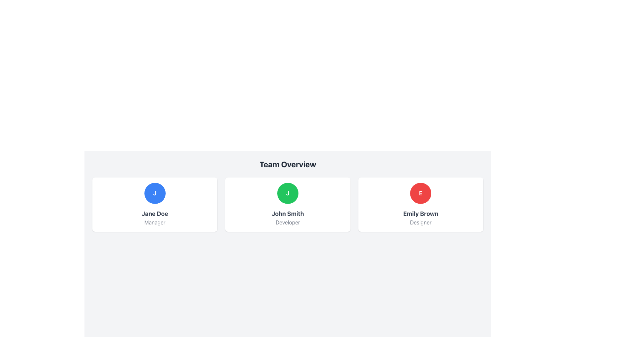 The image size is (636, 357). Describe the element at coordinates (420, 214) in the screenshot. I see `text label that identifies the individual associated with the card, located below the red circular icon and above the 'Designer' label in the rightmost white card of the list` at that location.